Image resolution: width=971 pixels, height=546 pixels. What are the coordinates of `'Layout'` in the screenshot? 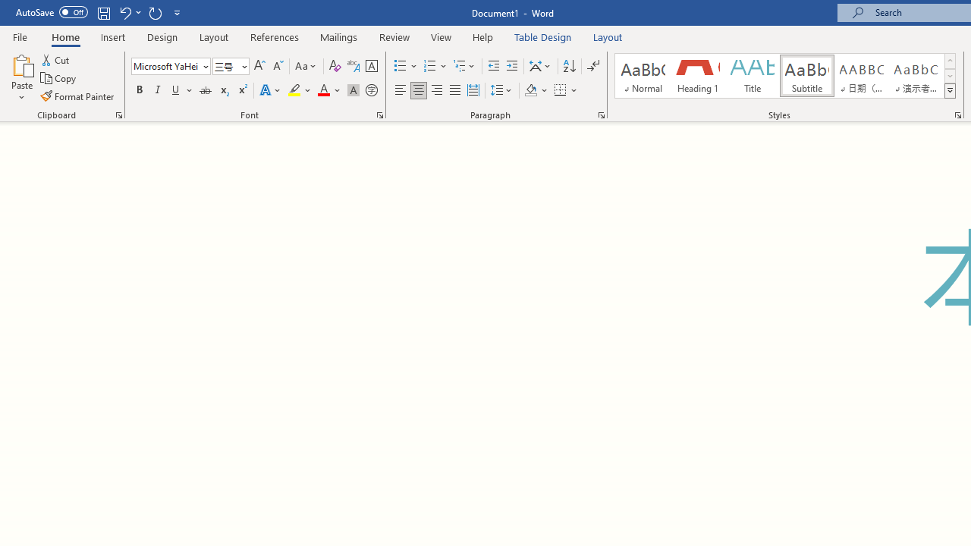 It's located at (608, 36).